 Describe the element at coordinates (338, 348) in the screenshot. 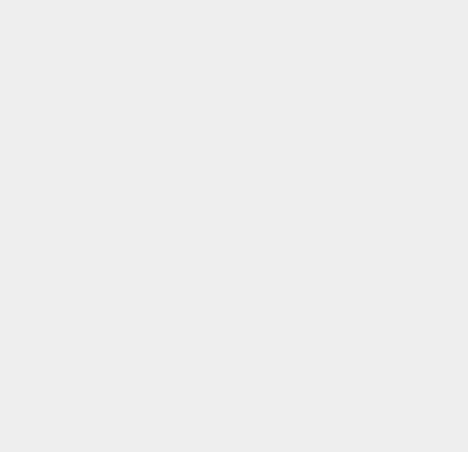

I see `'Nikon'` at that location.